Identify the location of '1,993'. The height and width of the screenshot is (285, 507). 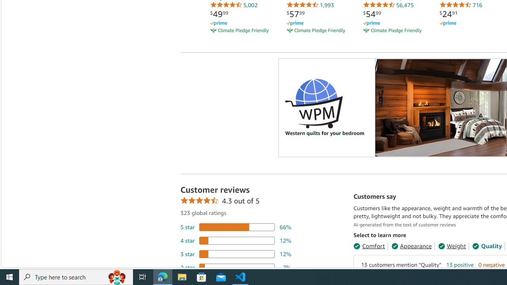
(310, 5).